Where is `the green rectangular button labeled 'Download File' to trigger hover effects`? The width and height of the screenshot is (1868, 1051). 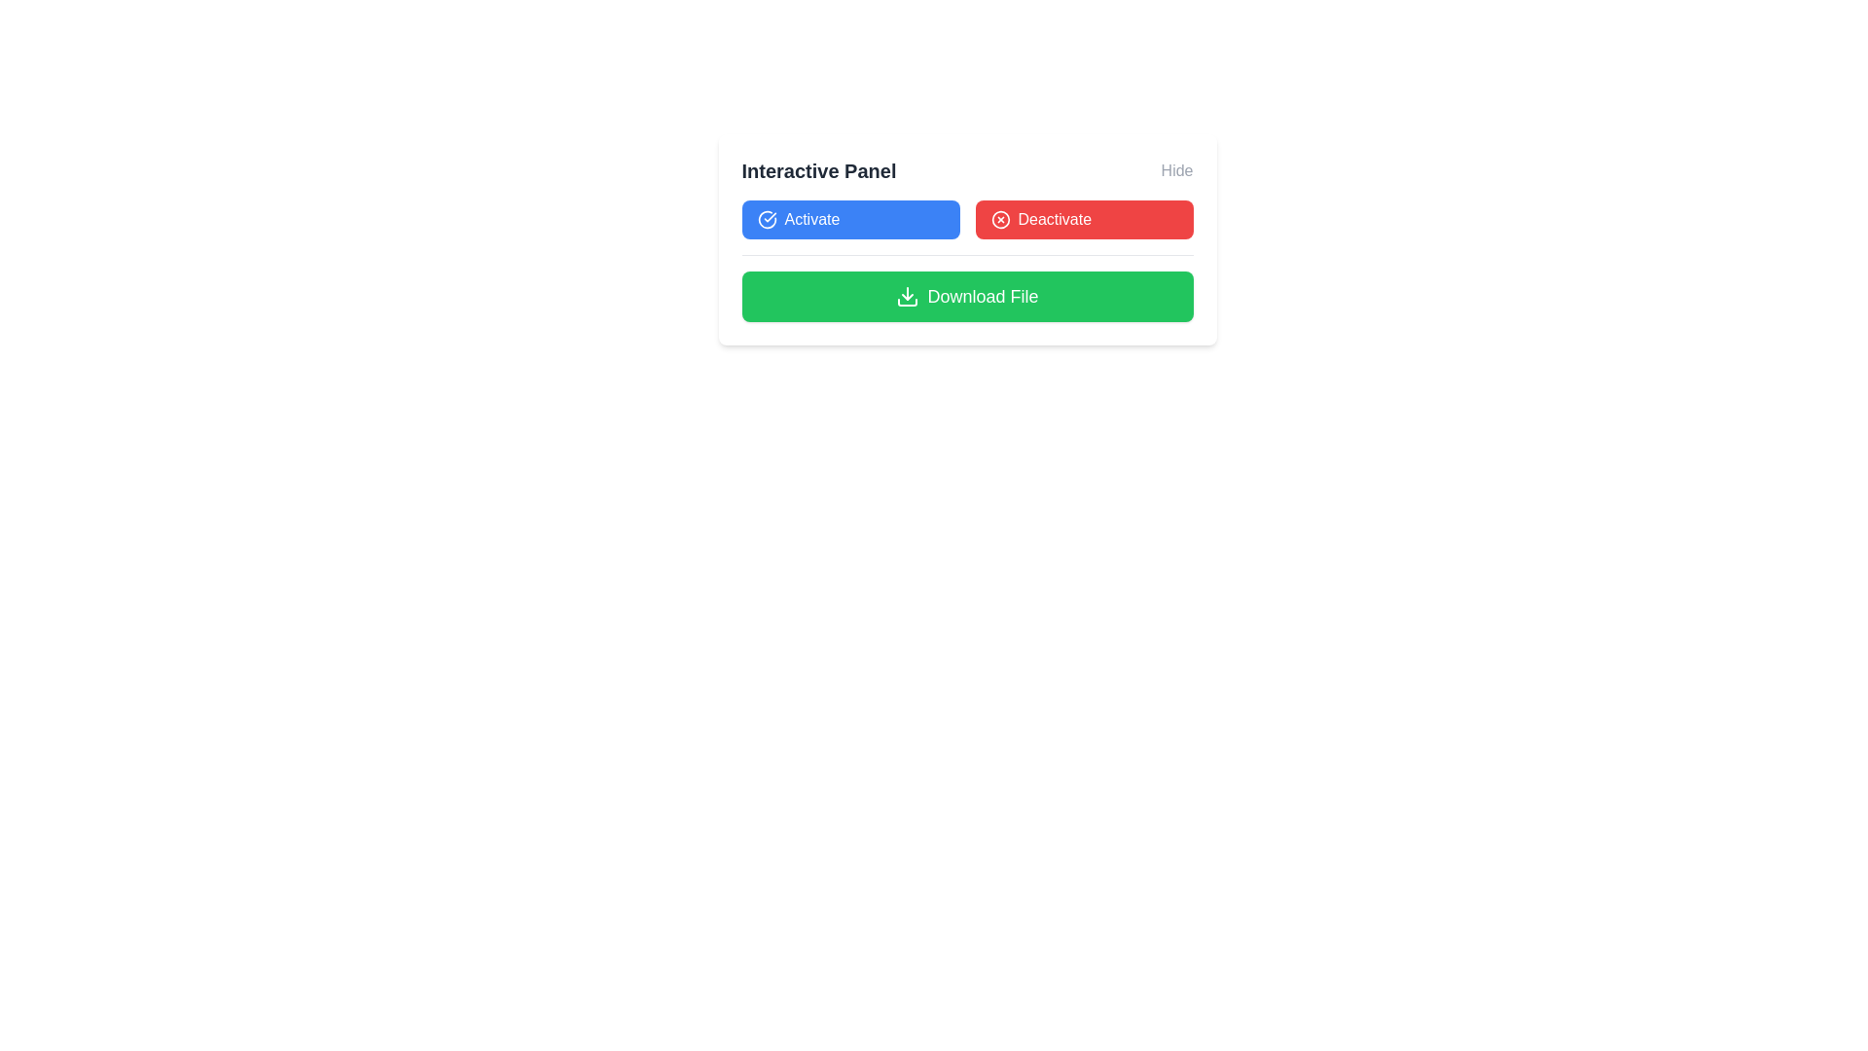
the green rectangular button labeled 'Download File' to trigger hover effects is located at coordinates (967, 296).